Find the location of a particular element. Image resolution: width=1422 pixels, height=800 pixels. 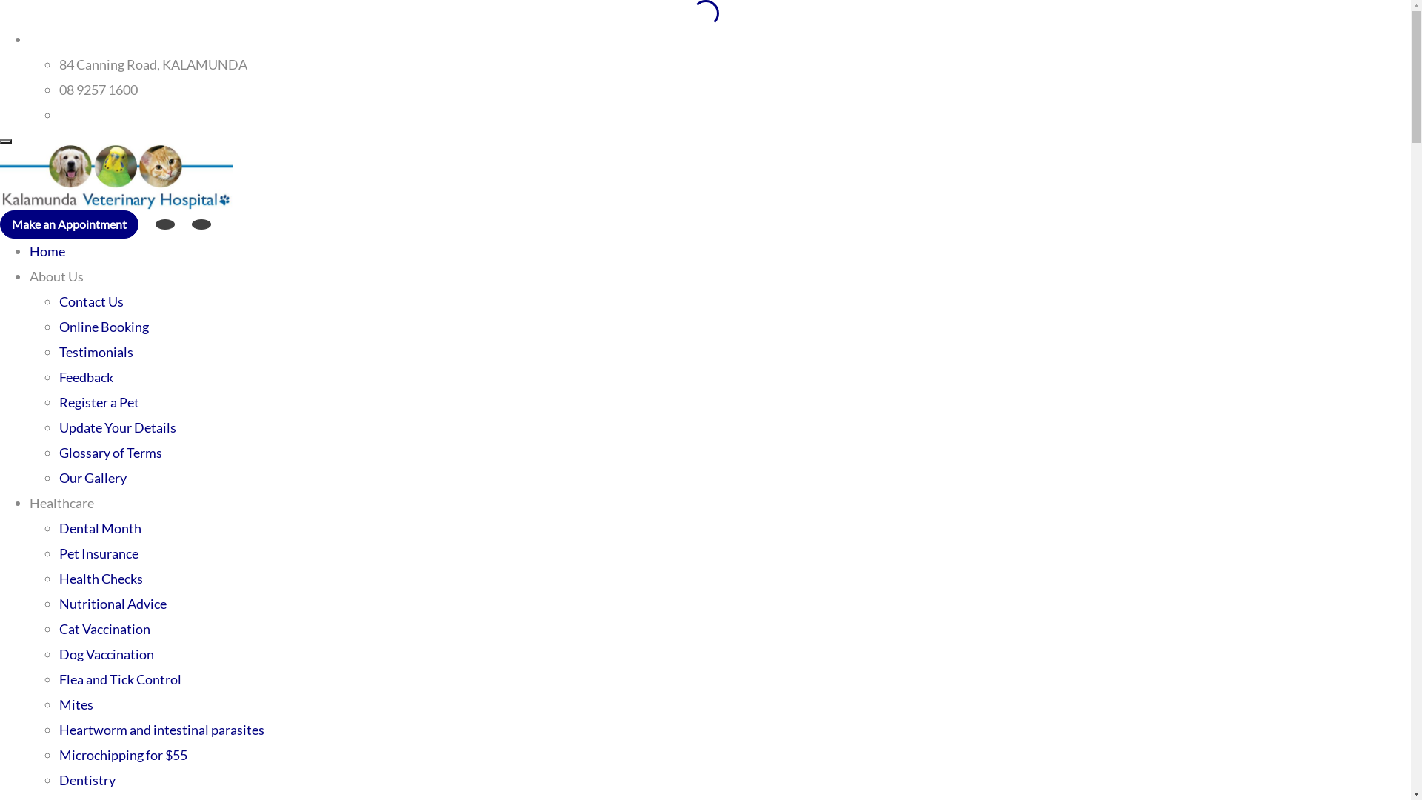

'Register a Pet' is located at coordinates (59, 402).